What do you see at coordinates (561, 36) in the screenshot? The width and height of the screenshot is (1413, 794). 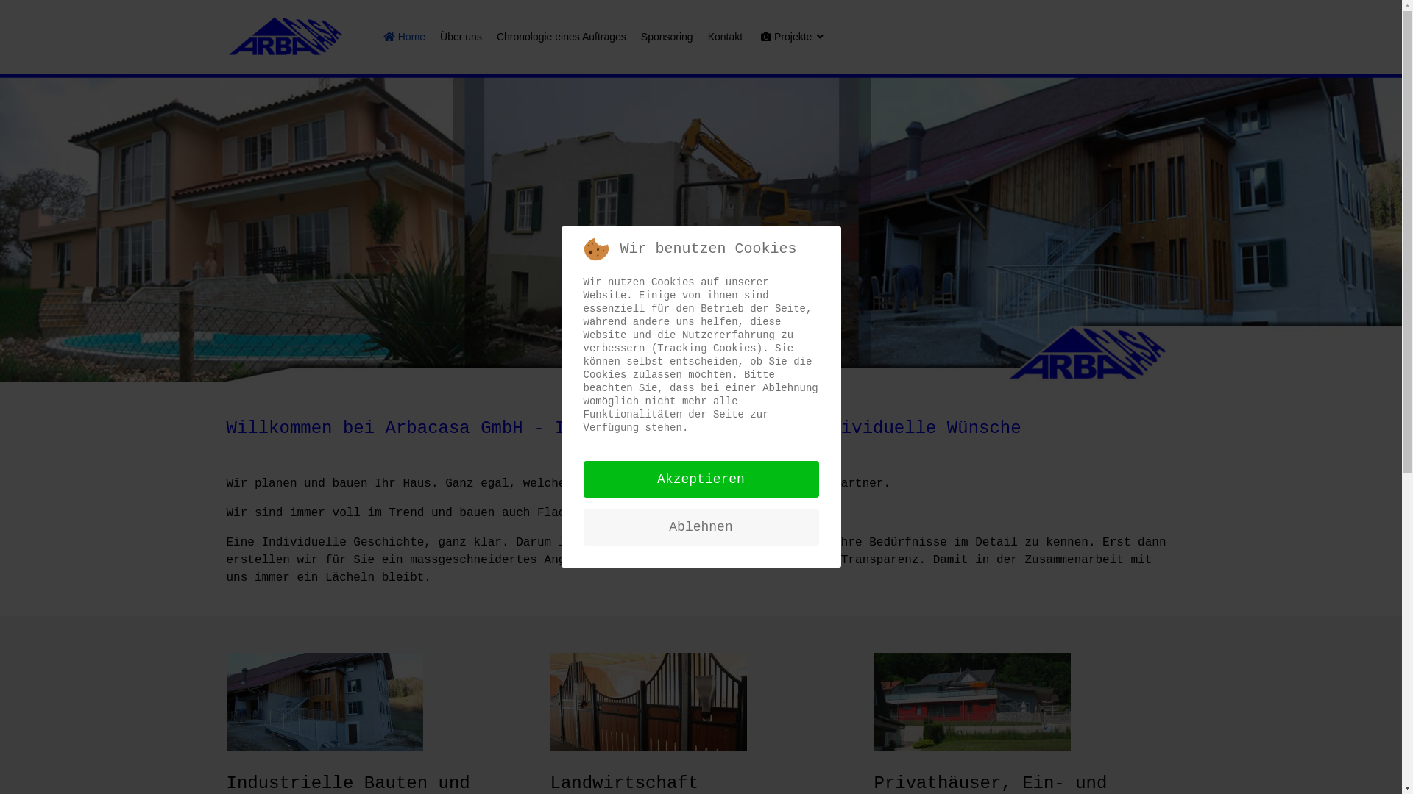 I see `'Chronologie eines Auftrages'` at bounding box center [561, 36].